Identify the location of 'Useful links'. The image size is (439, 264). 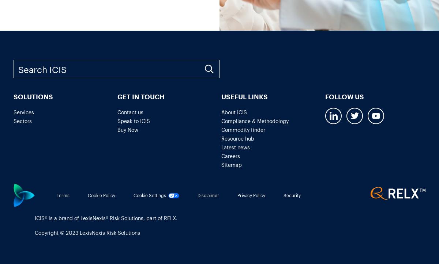
(244, 96).